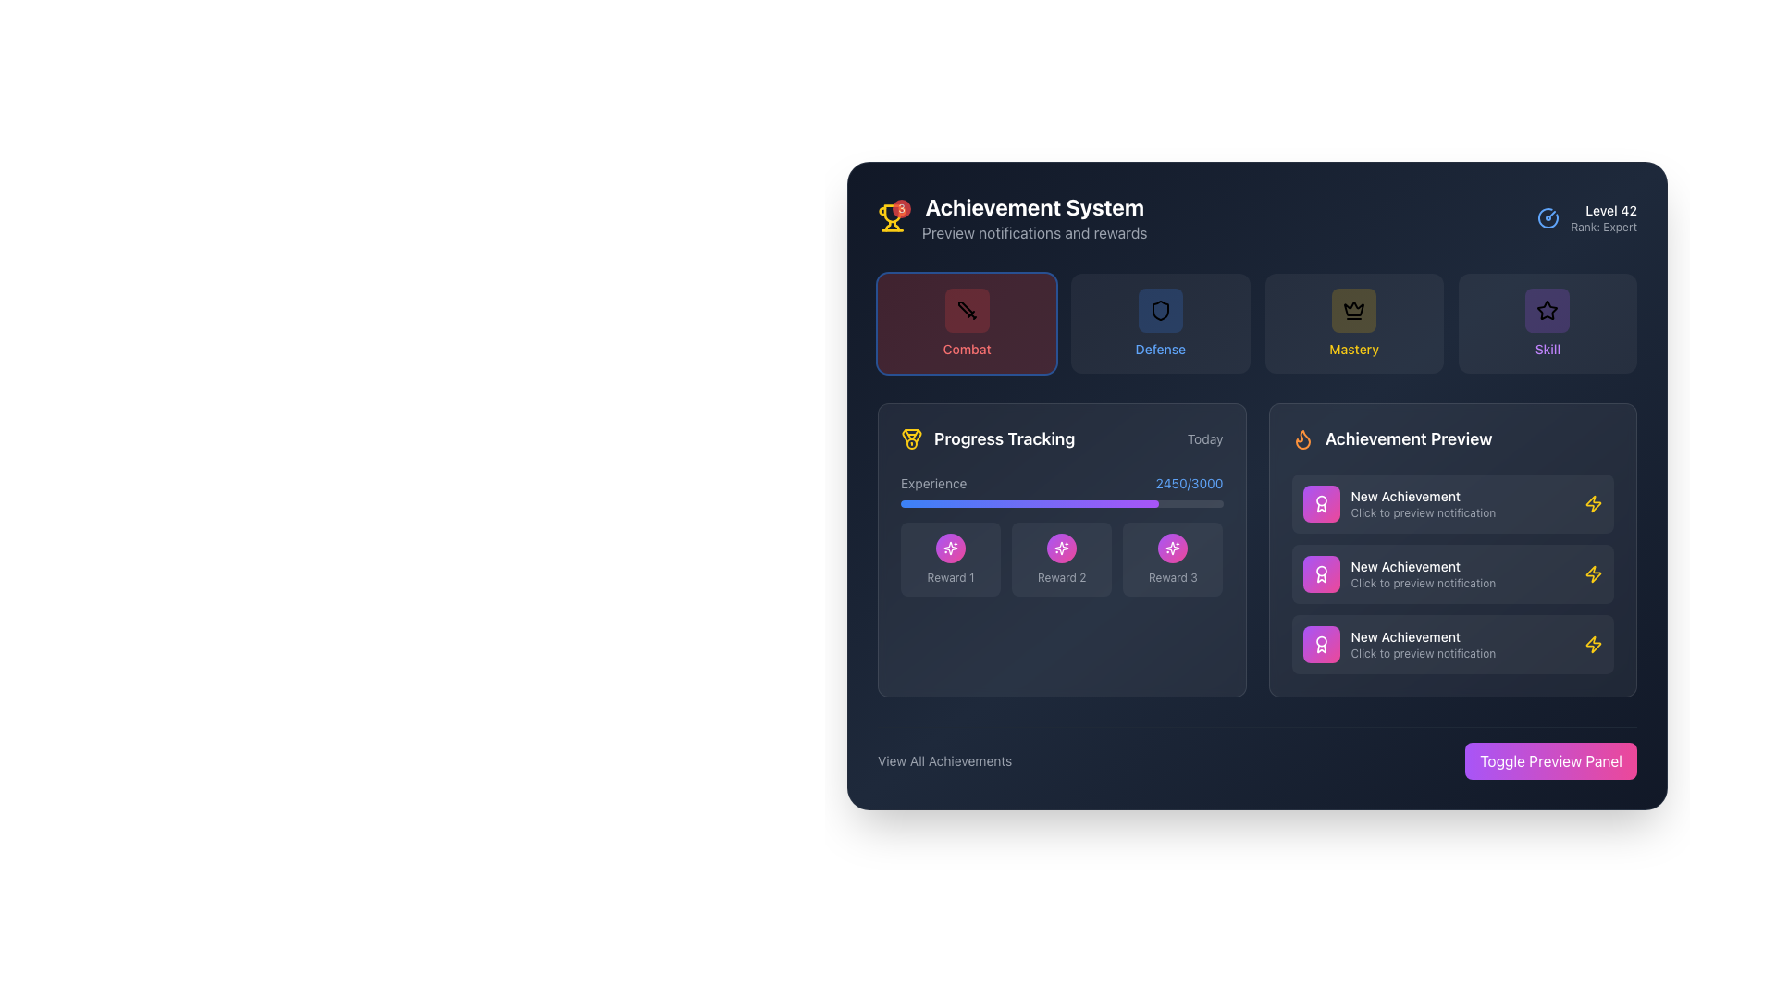  I want to click on the content of the 'New Achievement' text label, which is the second item in the vertically arranged list of achievement notifications, styled in bold white font with additional gray text for preview instructions, so click(1461, 573).